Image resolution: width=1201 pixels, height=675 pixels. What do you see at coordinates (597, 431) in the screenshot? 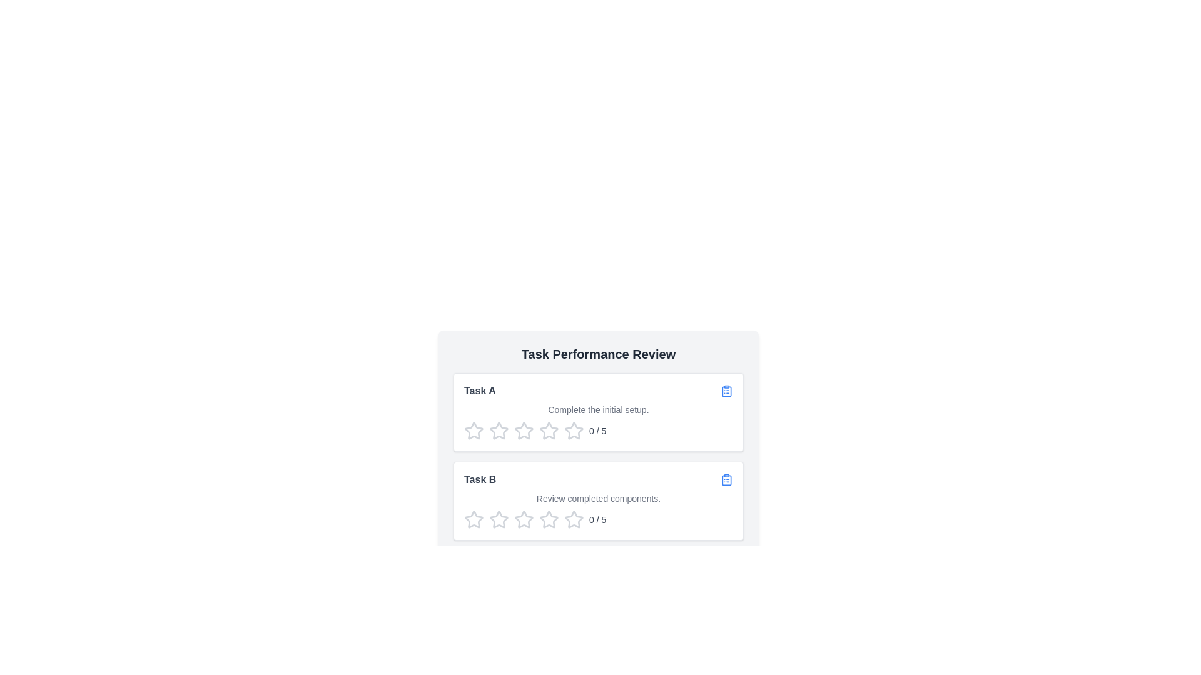
I see `the Rating indicator text located to the right of the five star icons in the 'Task AComplete the initial setup.' section` at bounding box center [597, 431].